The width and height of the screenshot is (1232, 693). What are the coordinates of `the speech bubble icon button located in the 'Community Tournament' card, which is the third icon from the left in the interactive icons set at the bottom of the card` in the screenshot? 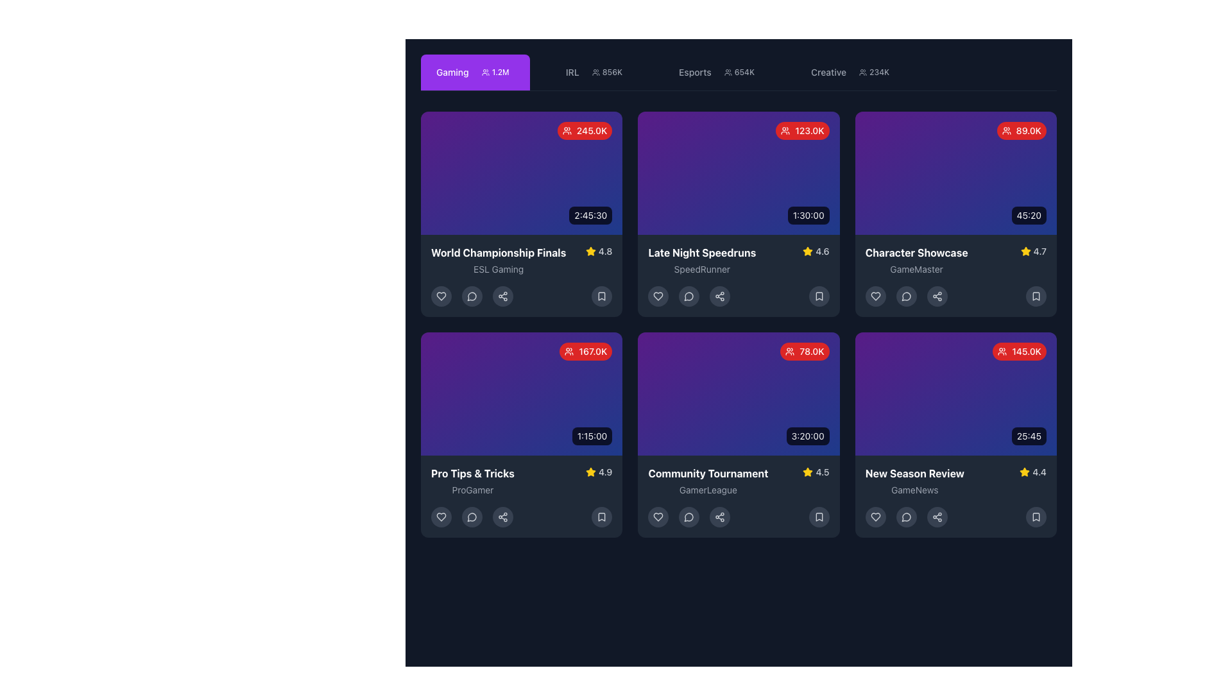 It's located at (689, 517).